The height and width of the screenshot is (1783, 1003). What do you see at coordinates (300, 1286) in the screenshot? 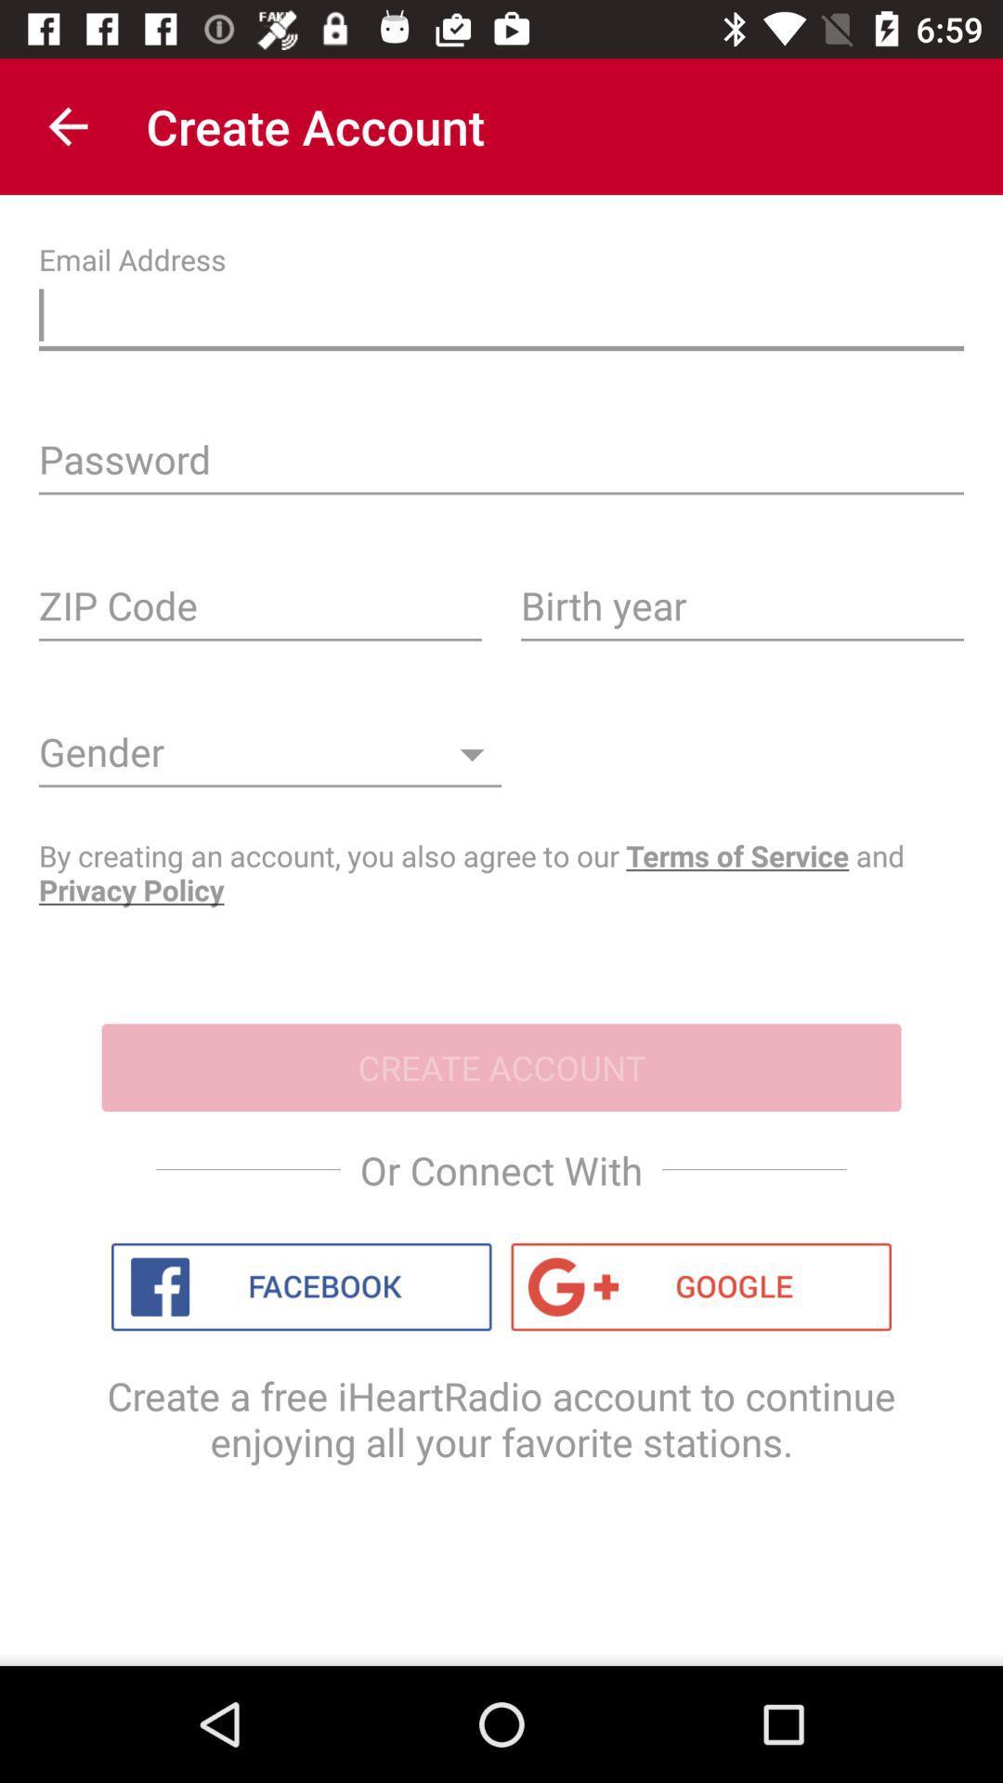
I see `item above the create a free icon` at bounding box center [300, 1286].